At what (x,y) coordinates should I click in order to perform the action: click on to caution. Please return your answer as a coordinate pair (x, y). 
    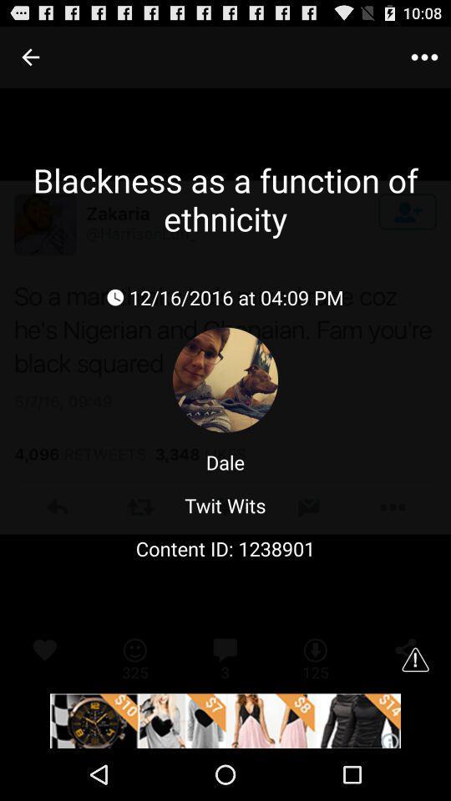
    Looking at the image, I should click on (414, 659).